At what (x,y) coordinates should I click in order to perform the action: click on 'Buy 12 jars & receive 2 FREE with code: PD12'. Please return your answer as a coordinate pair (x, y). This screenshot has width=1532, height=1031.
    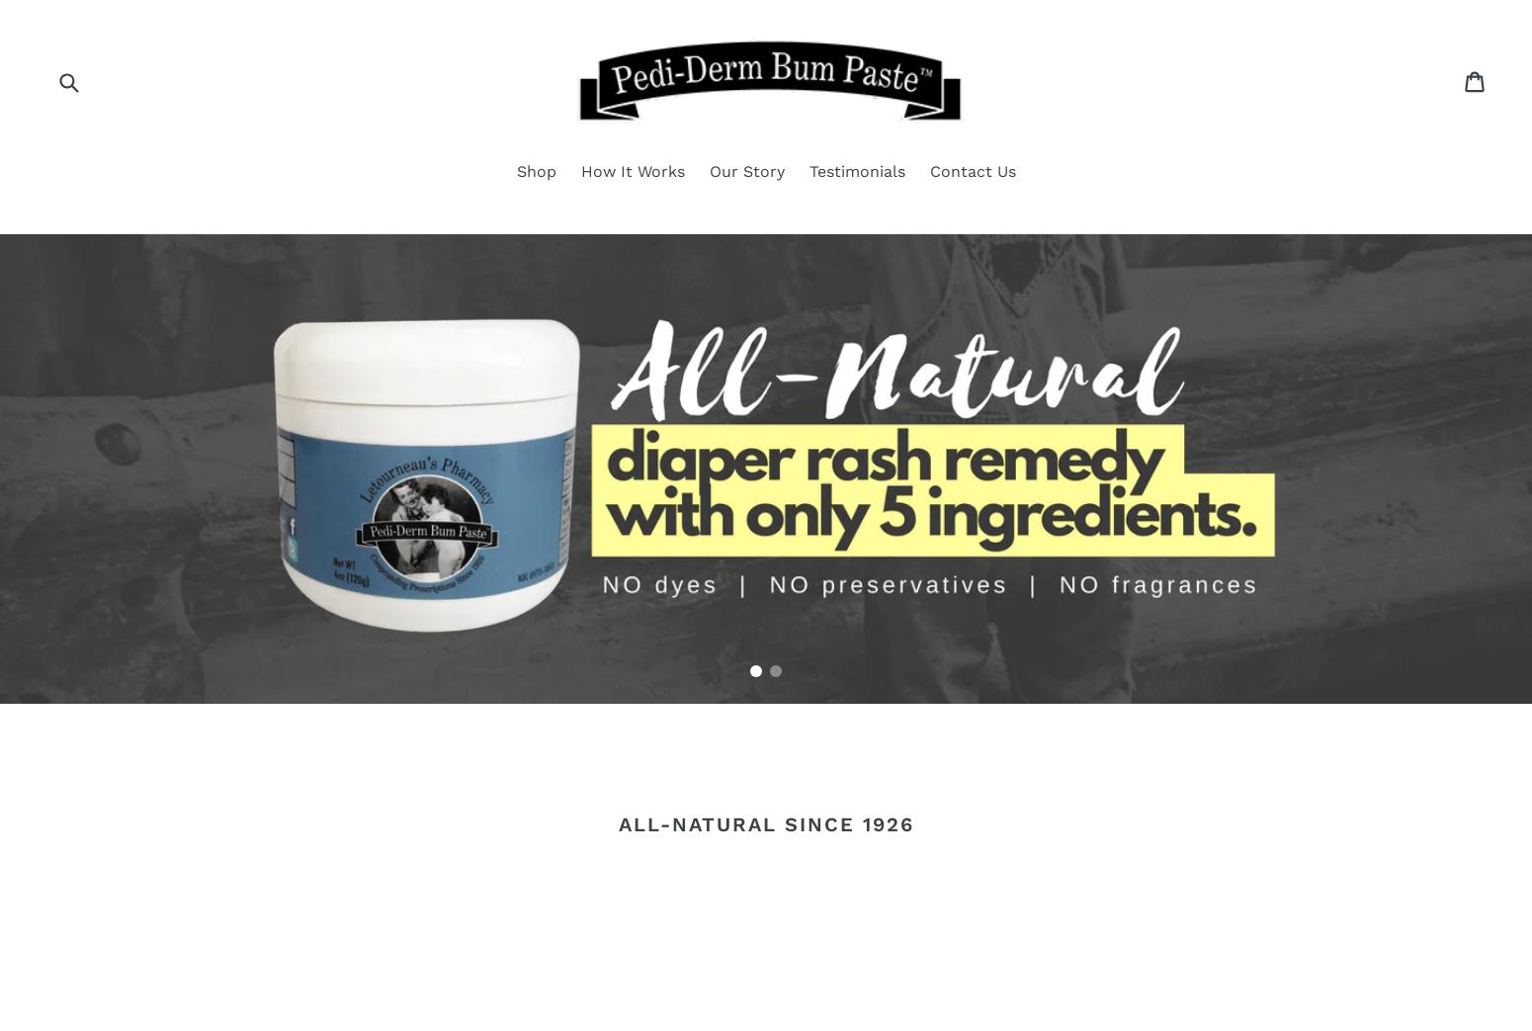
    Looking at the image, I should click on (766, 500).